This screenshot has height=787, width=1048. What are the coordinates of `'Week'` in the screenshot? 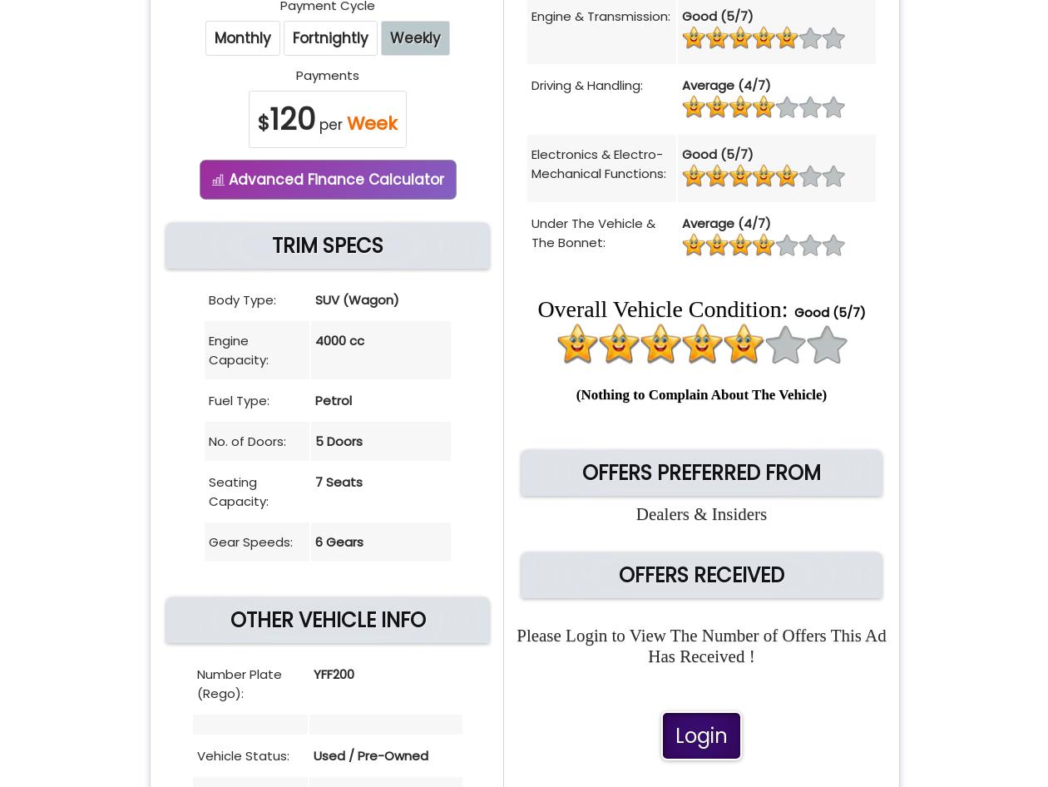 It's located at (372, 122).